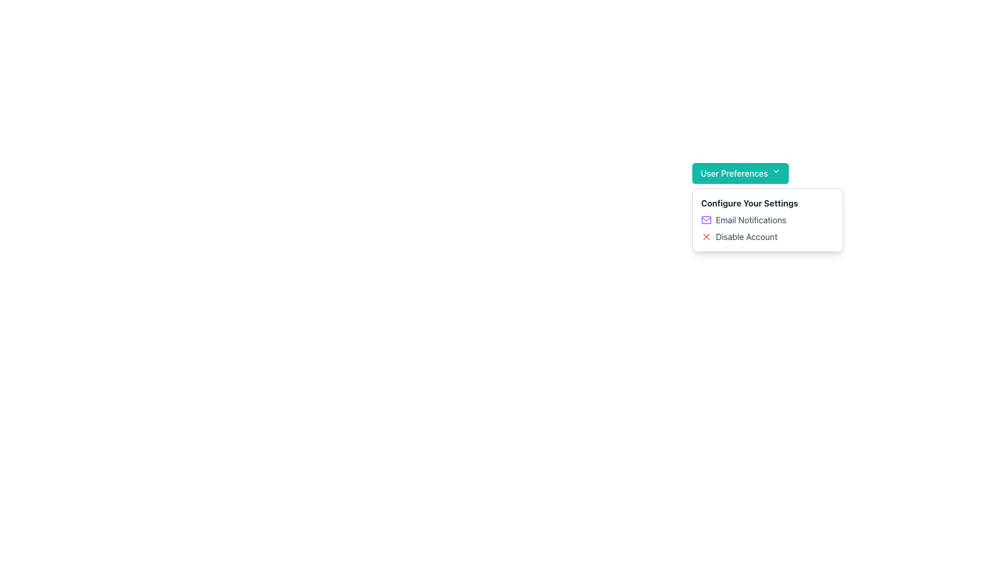  What do you see at coordinates (750, 220) in the screenshot?
I see `the text label 'Email Notifications' which is styled in gray and located in a popup card under 'Configure Your Settings', alongside a purple mail icon` at bounding box center [750, 220].